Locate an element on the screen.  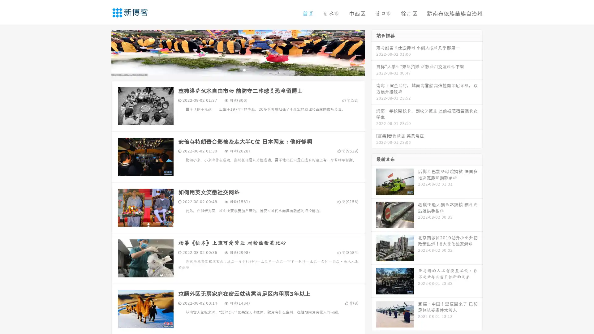
Go to slide 3 is located at coordinates (244, 70).